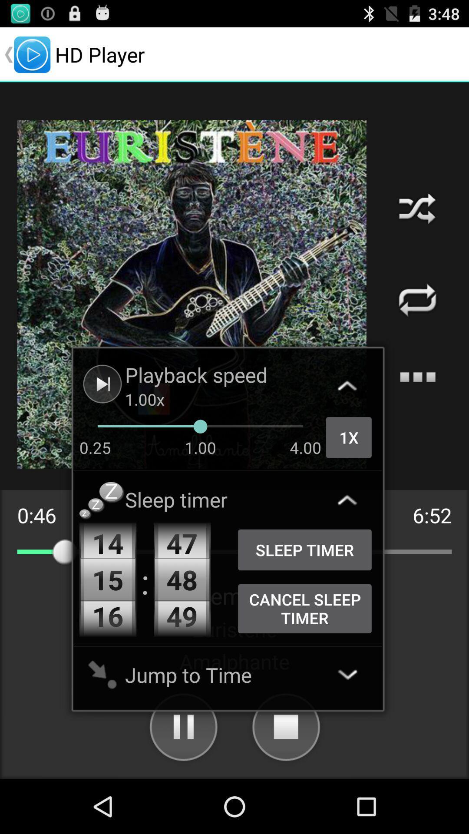  What do you see at coordinates (348, 437) in the screenshot?
I see `the 1x item` at bounding box center [348, 437].